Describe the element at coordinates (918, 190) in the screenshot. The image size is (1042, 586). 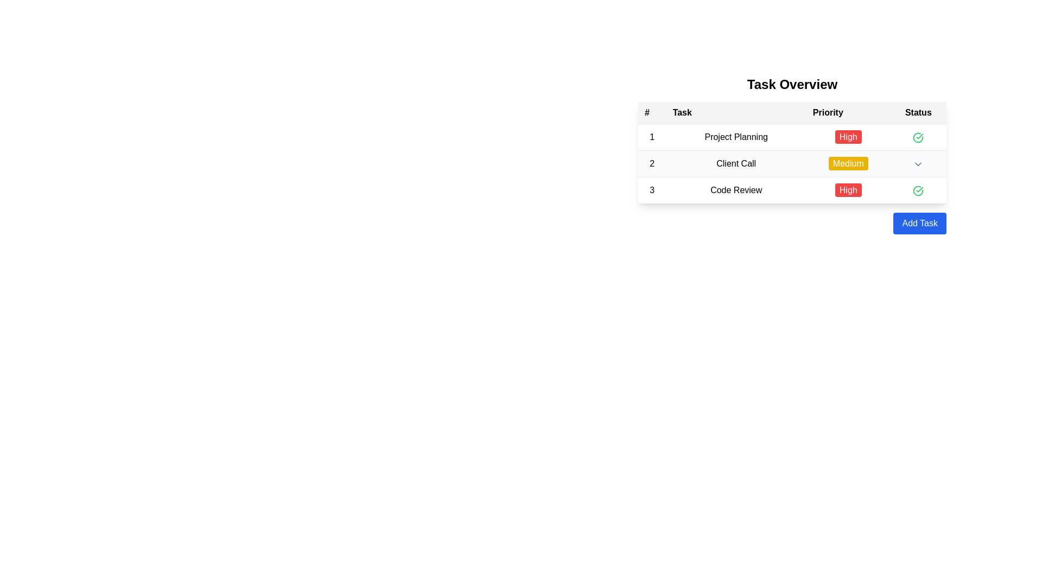
I see `the circular green outlined icon with a checkmark` at that location.